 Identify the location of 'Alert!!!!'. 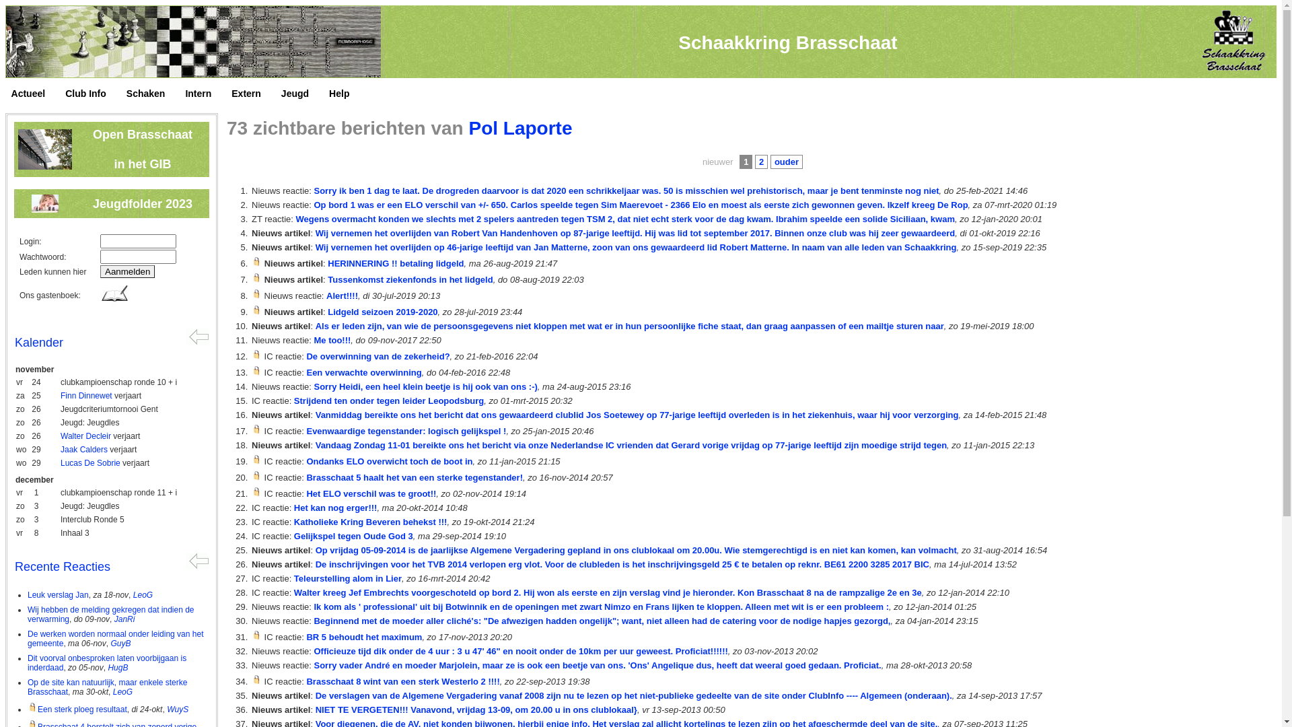
(342, 295).